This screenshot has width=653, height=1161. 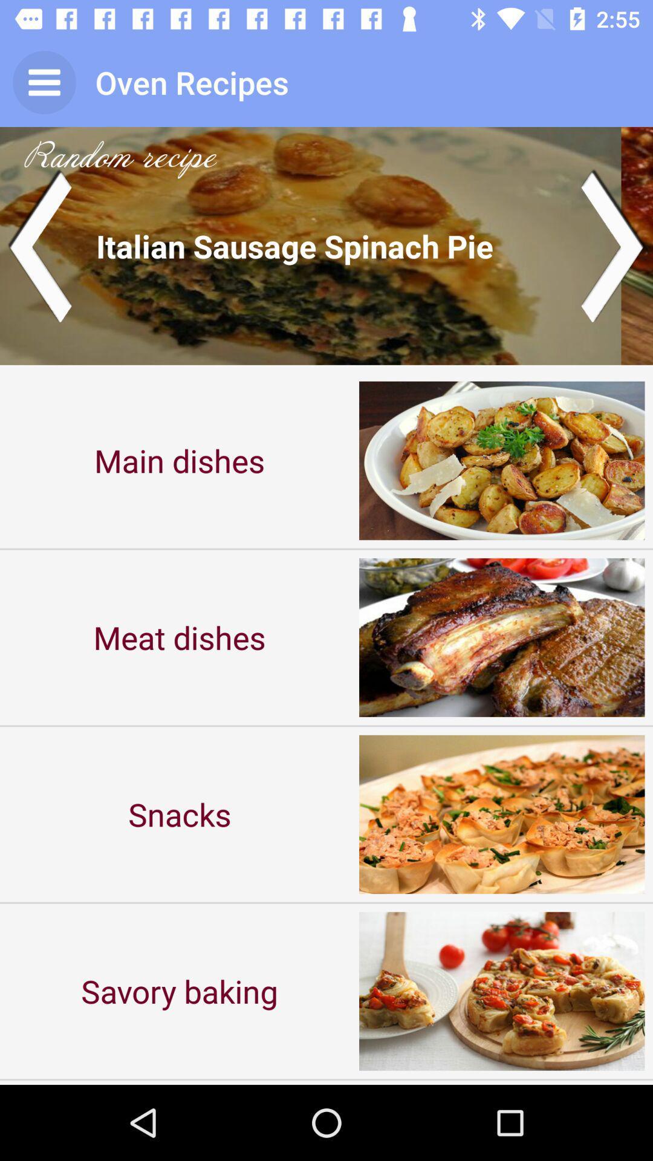 What do you see at coordinates (180, 637) in the screenshot?
I see `item below the main dishes` at bounding box center [180, 637].